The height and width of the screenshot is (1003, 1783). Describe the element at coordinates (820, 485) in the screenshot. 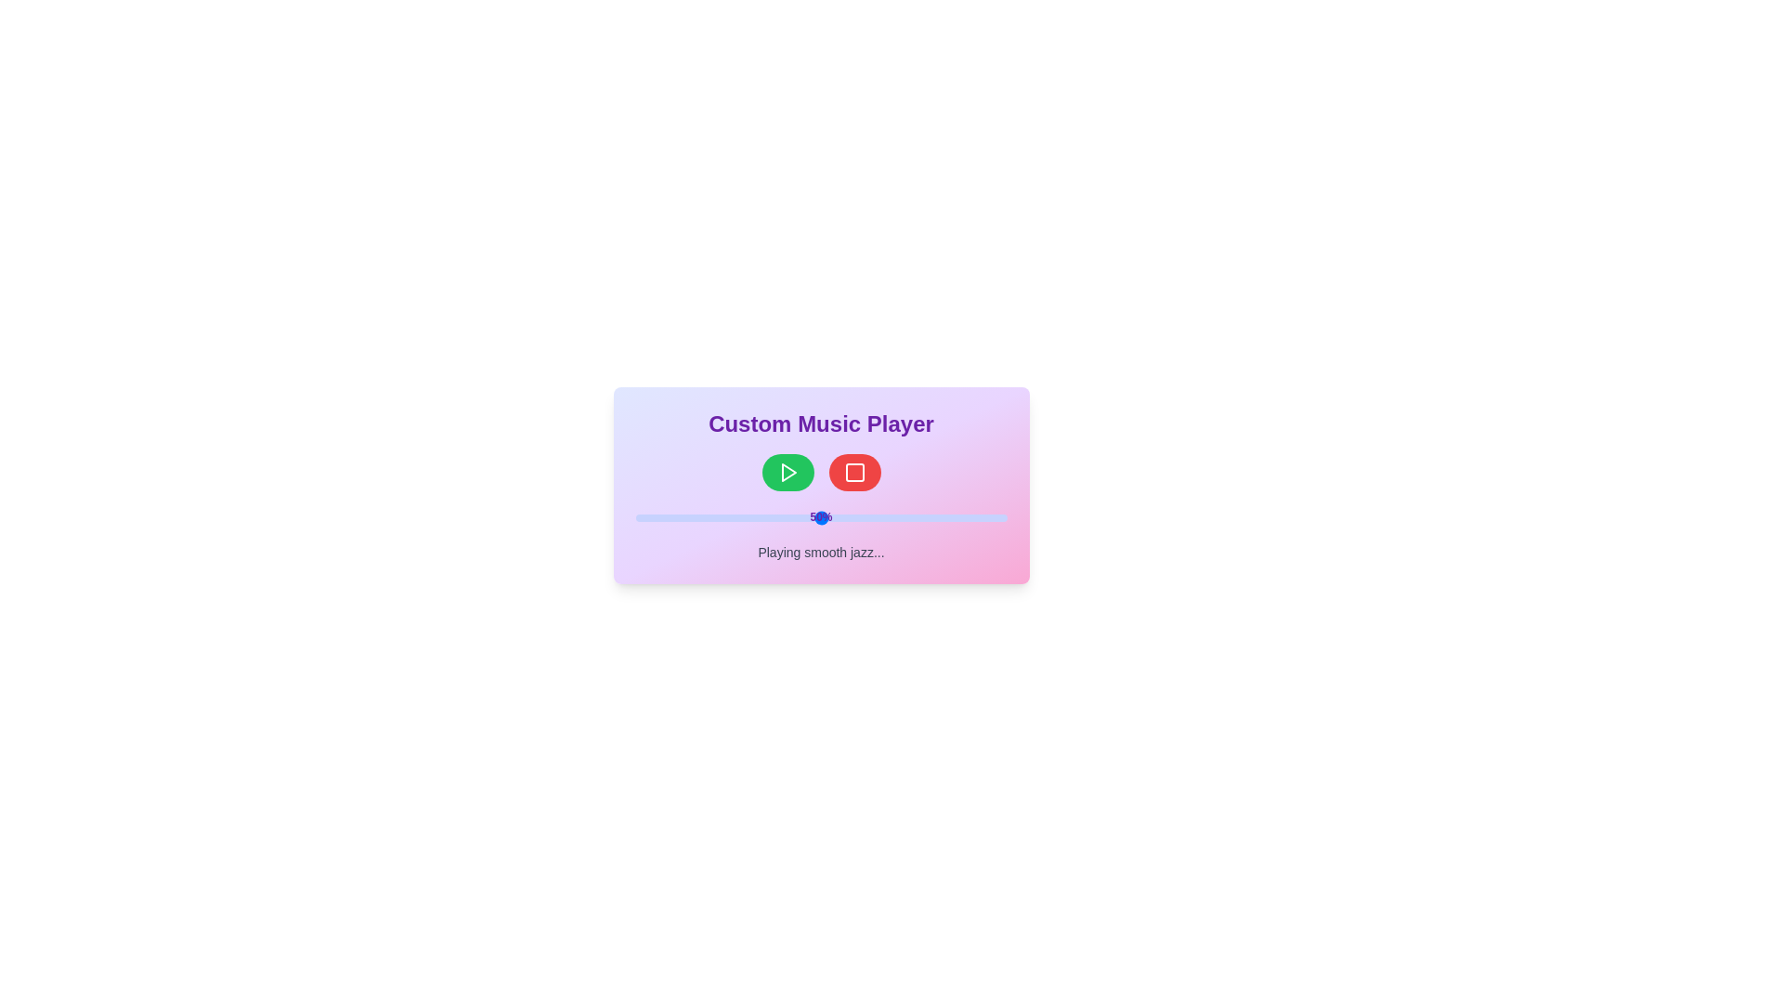

I see `the progress bar of the 'Custom Music Player' to change the playback position` at that location.